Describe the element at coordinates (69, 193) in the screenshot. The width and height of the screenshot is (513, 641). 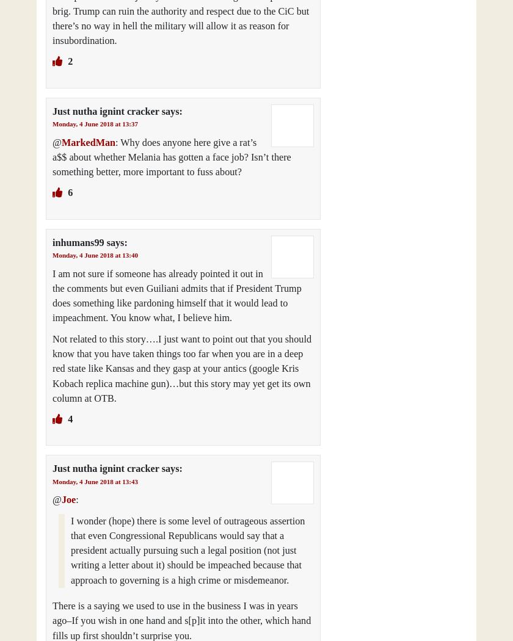
I see `'6'` at that location.